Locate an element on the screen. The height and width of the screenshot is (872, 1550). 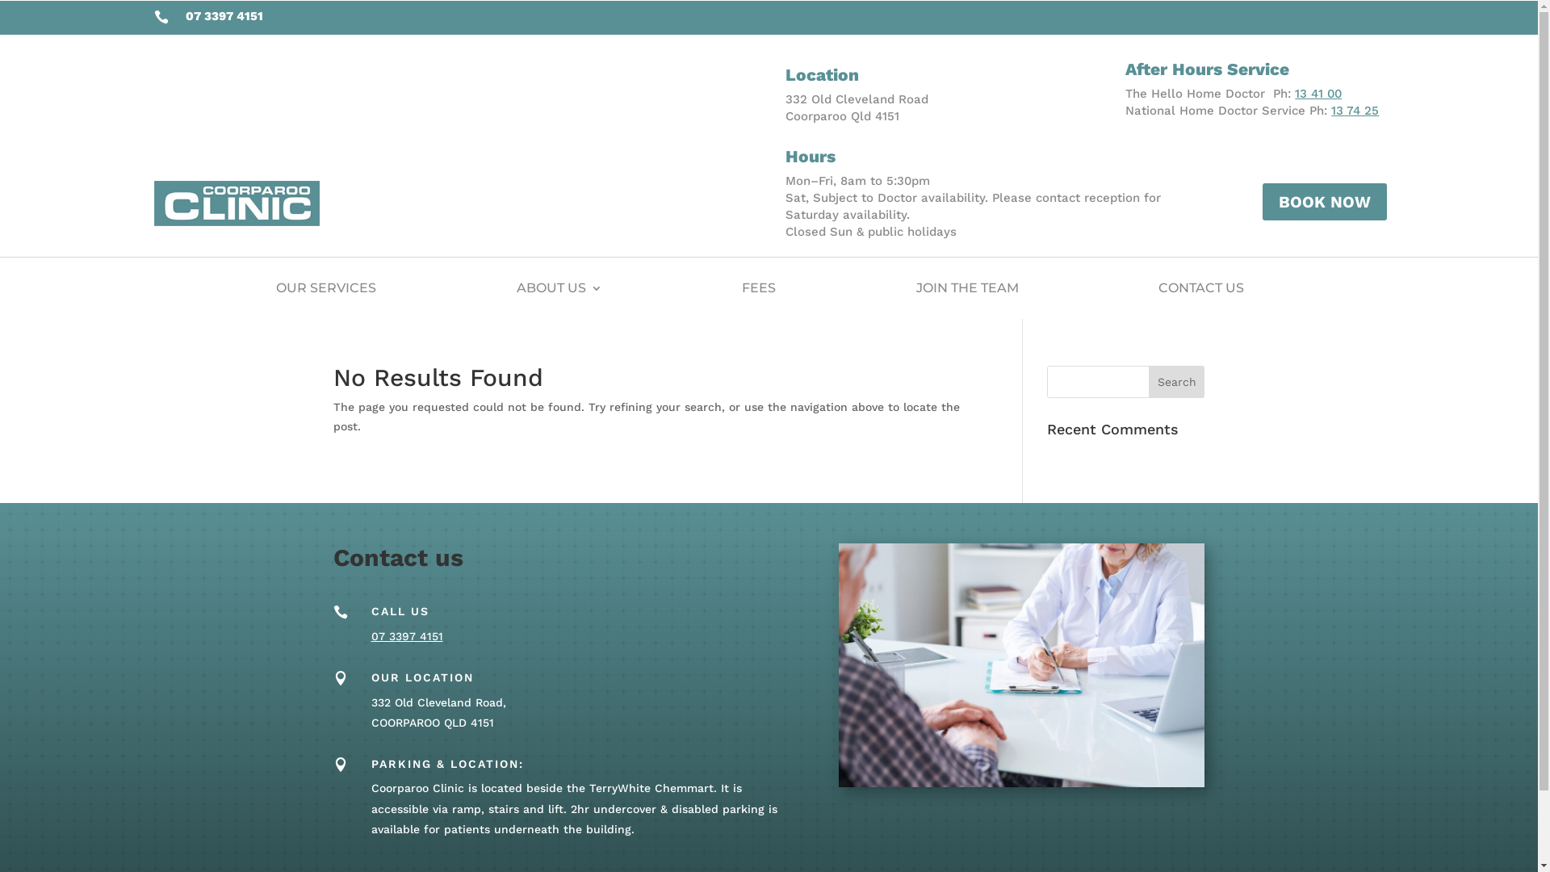
'ABOUT US' is located at coordinates (559, 287).